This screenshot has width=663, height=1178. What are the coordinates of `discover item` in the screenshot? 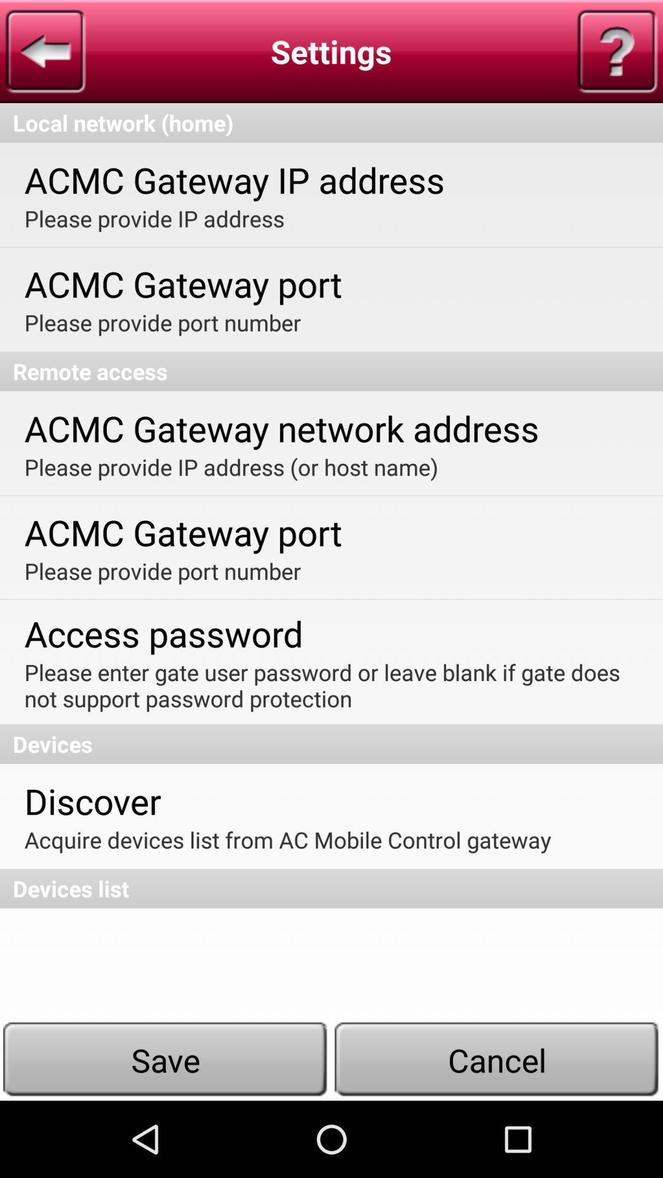 It's located at (92, 801).